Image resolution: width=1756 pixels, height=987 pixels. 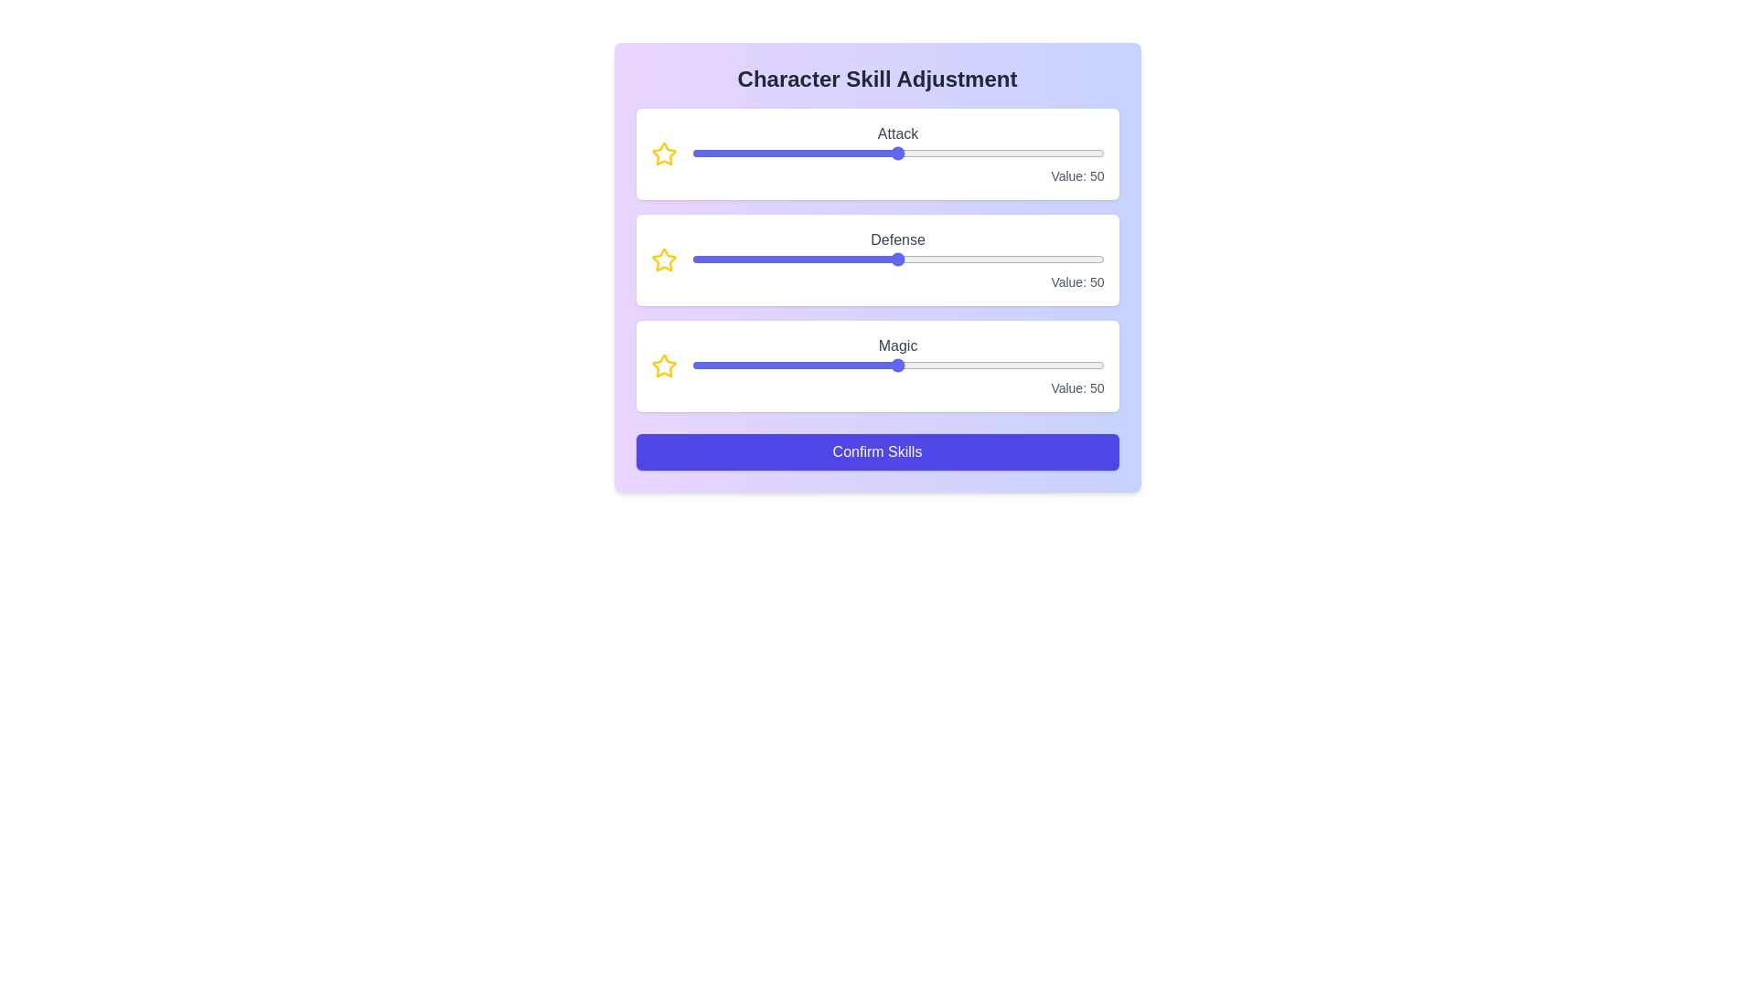 I want to click on the 'Confirm Skills' button to finalize the skill settings, so click(x=876, y=451).